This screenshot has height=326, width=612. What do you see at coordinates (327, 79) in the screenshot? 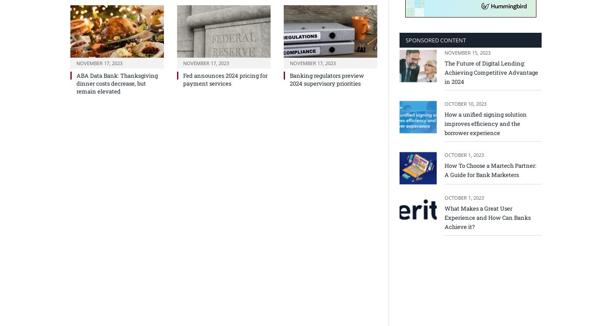
I see `'Banking regulators preview 2024 supervisory priorities'` at bounding box center [327, 79].